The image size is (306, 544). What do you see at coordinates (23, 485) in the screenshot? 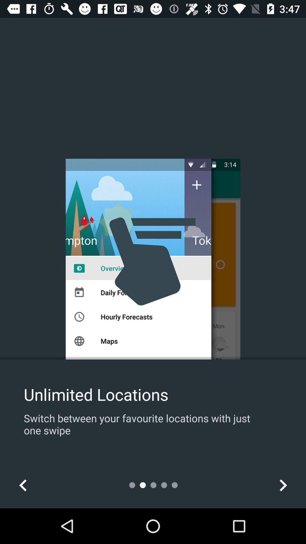
I see `icon below switch between your icon` at bounding box center [23, 485].